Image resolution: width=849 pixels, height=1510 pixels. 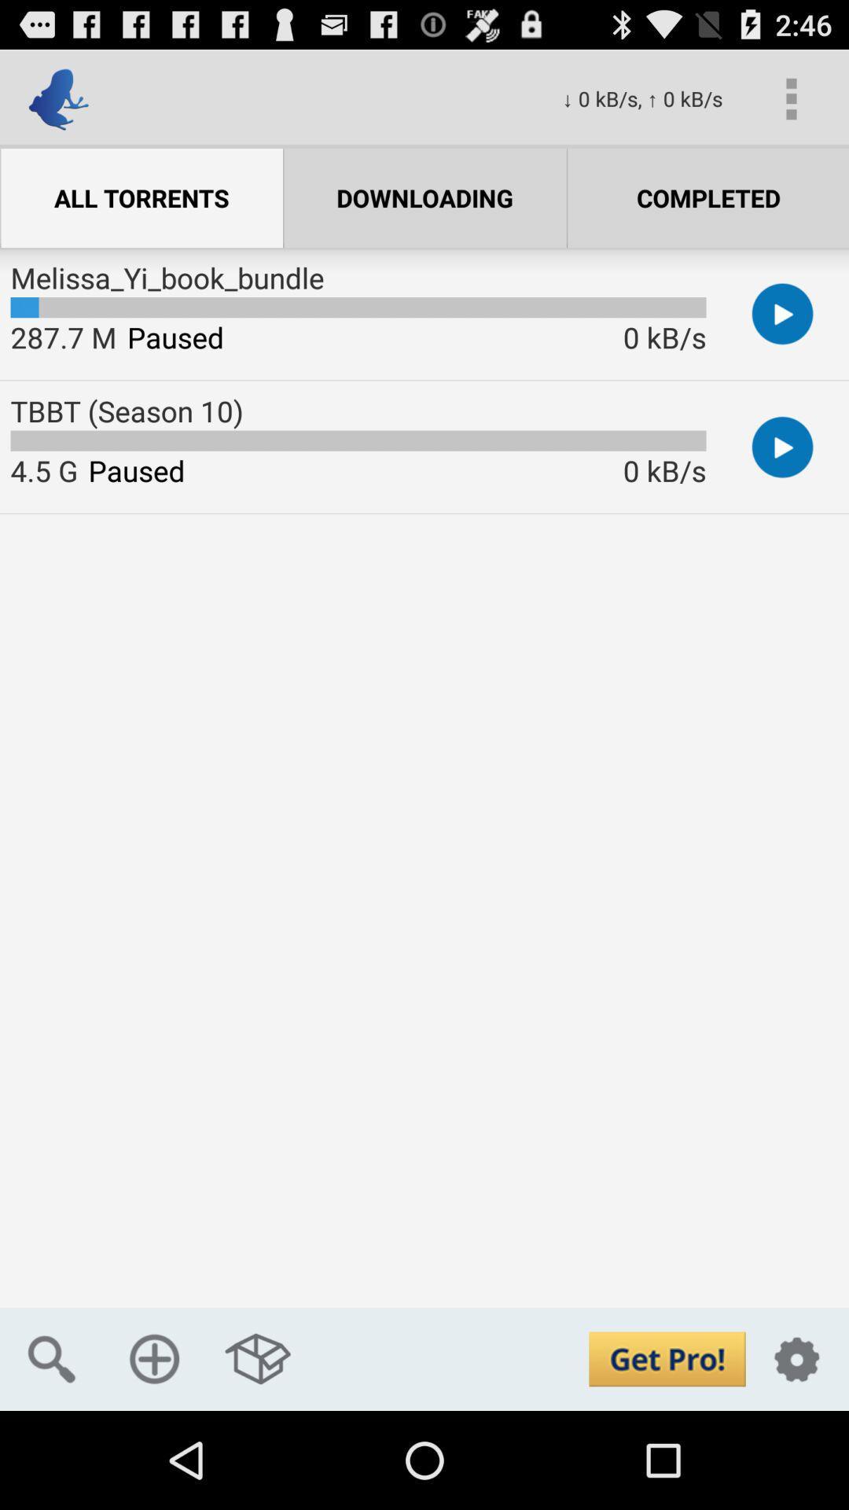 What do you see at coordinates (63, 336) in the screenshot?
I see `the 287.7 m app` at bounding box center [63, 336].